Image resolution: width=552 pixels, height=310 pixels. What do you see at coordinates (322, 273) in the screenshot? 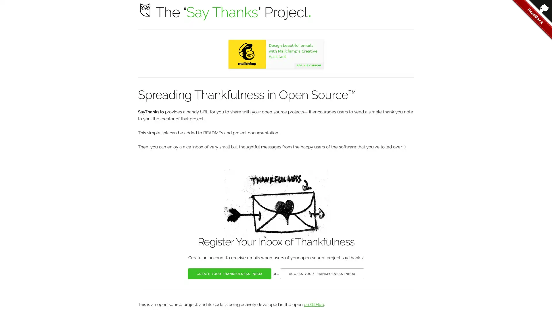
I see `ACCESS YOUR THANKFULNESS INBOX` at bounding box center [322, 273].